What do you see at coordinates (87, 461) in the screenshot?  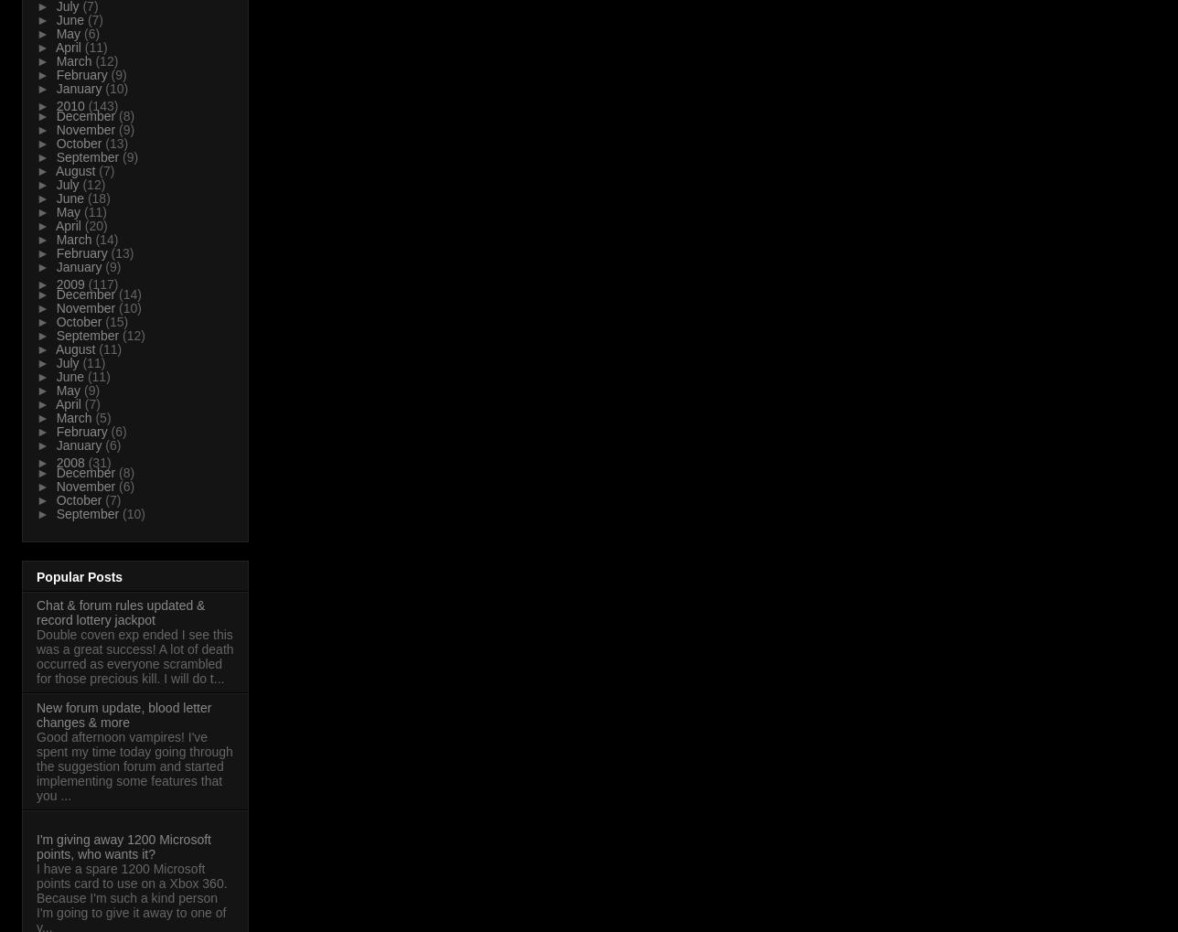 I see `'(31)'` at bounding box center [87, 461].